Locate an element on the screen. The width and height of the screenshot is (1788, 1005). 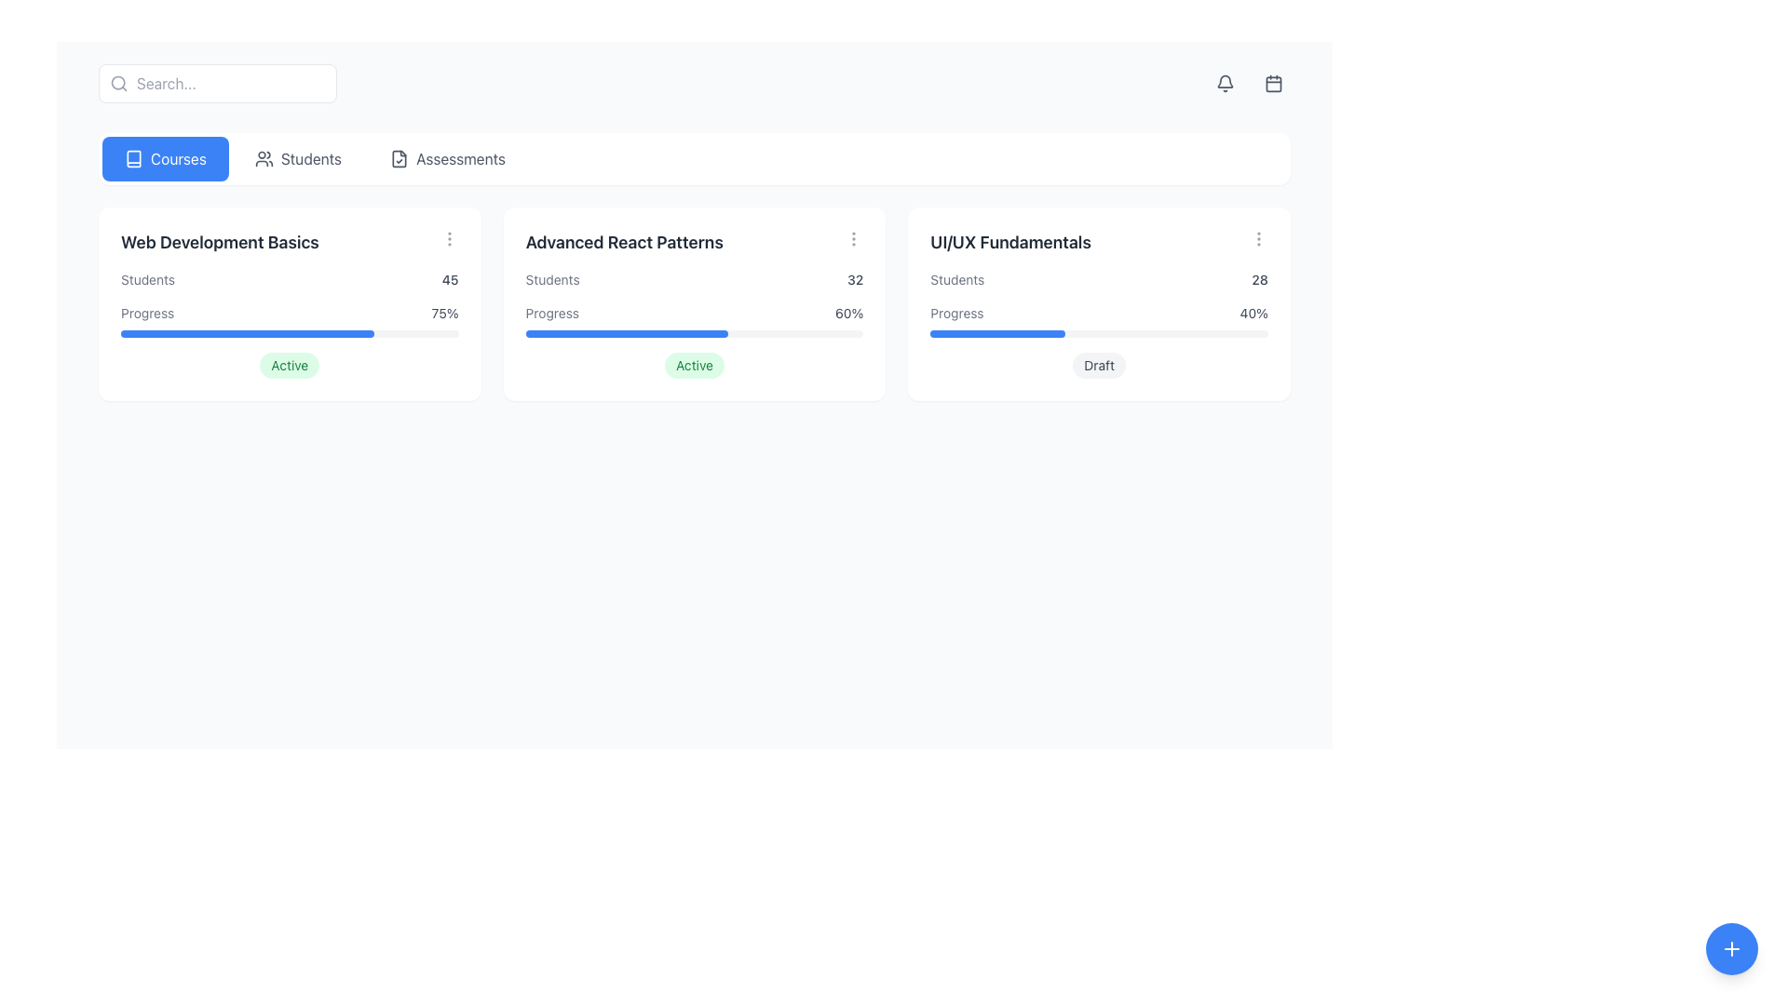
the blue progress indicator bar indicating 75% completion located within the 'Web Development Basics' card, beneath the 'Progress' label is located at coordinates (246, 332).